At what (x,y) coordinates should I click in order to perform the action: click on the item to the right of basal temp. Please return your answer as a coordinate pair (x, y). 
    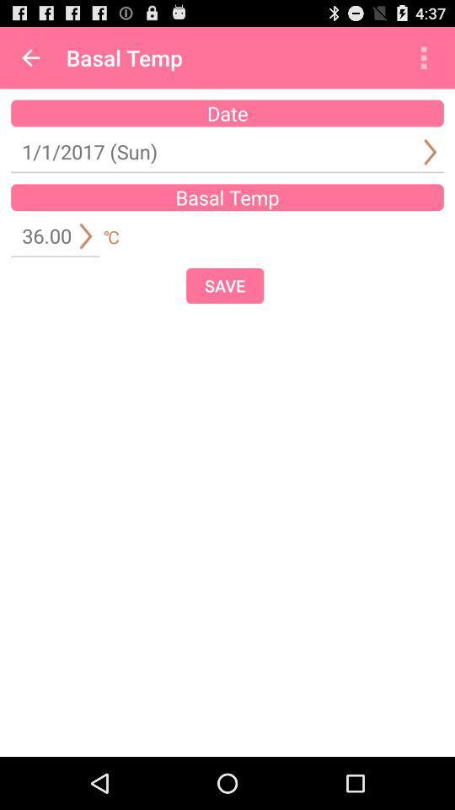
    Looking at the image, I should click on (423, 57).